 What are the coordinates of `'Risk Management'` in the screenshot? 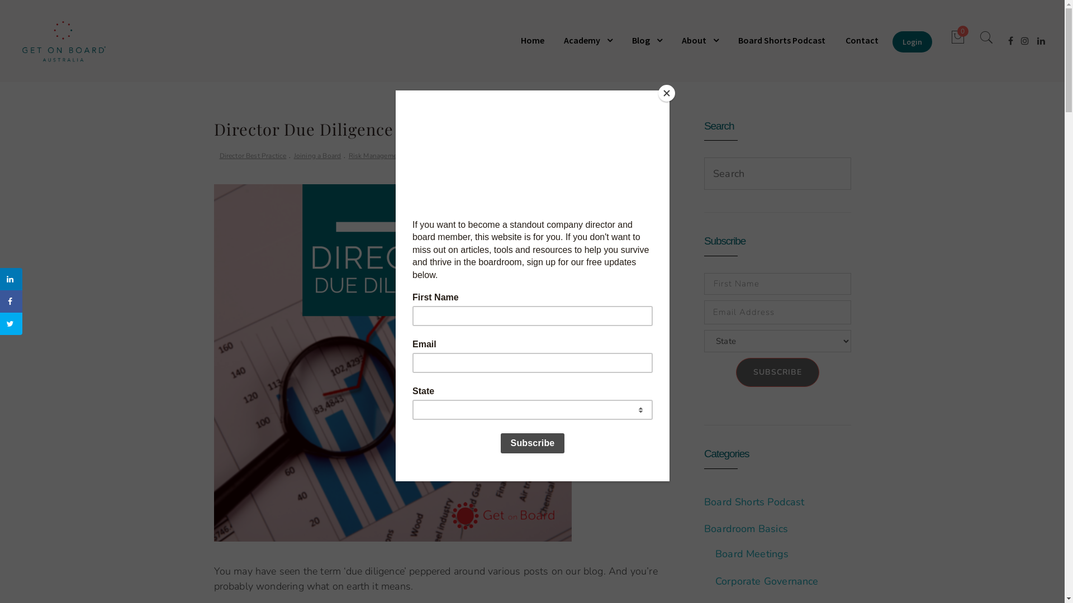 It's located at (376, 156).